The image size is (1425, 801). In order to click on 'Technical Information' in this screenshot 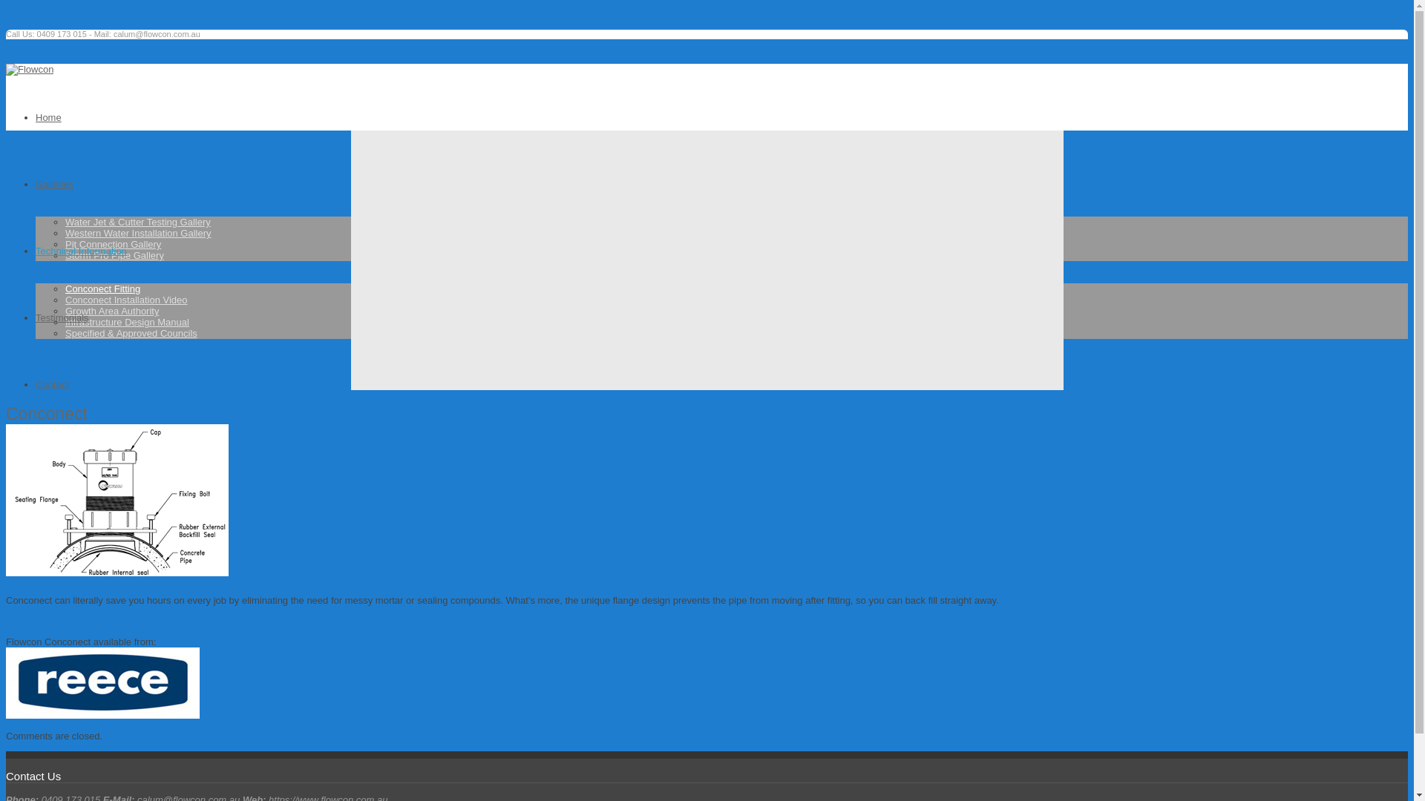, I will do `click(80, 250)`.